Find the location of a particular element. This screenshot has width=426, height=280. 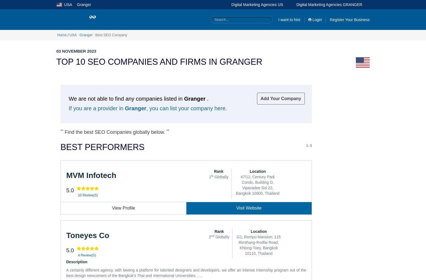

'03 November 2023' is located at coordinates (76, 50).